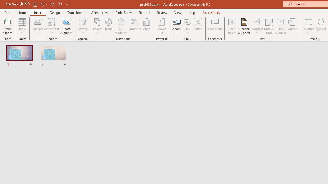  What do you see at coordinates (121, 26) in the screenshot?
I see `'3D Models'` at bounding box center [121, 26].